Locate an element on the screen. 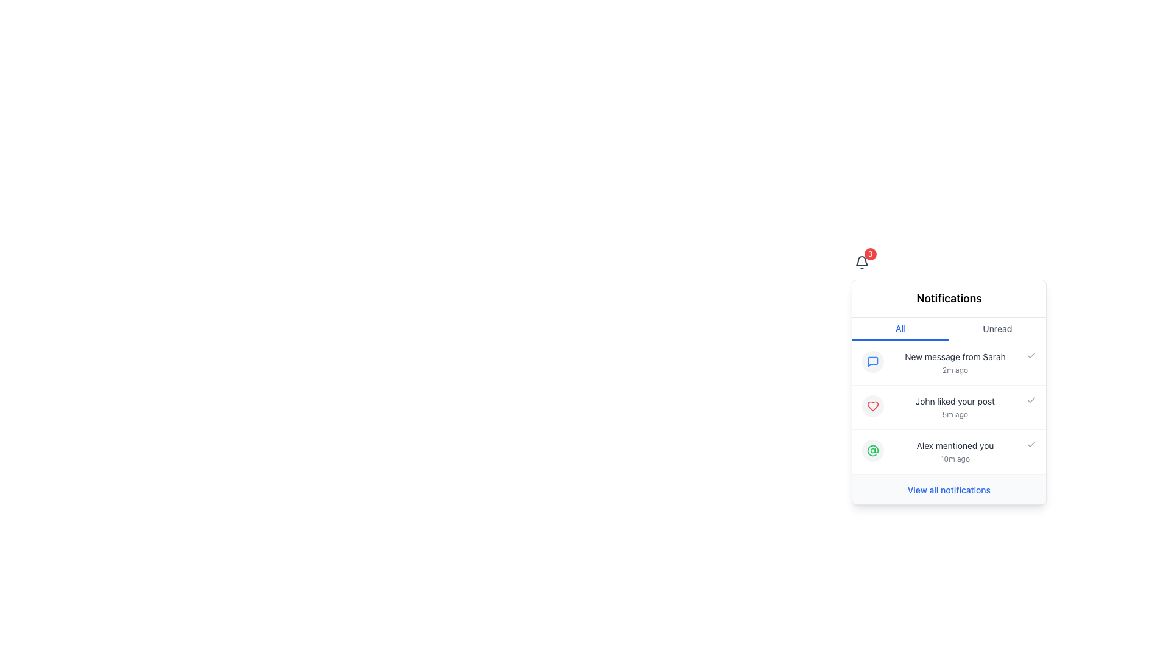 This screenshot has width=1169, height=657. the text label that indicates how much time has elapsed since the activity occurred, located in the second notification entry from the top in the notification dropdown menu, directly below 'John liked your post' is located at coordinates (955, 414).